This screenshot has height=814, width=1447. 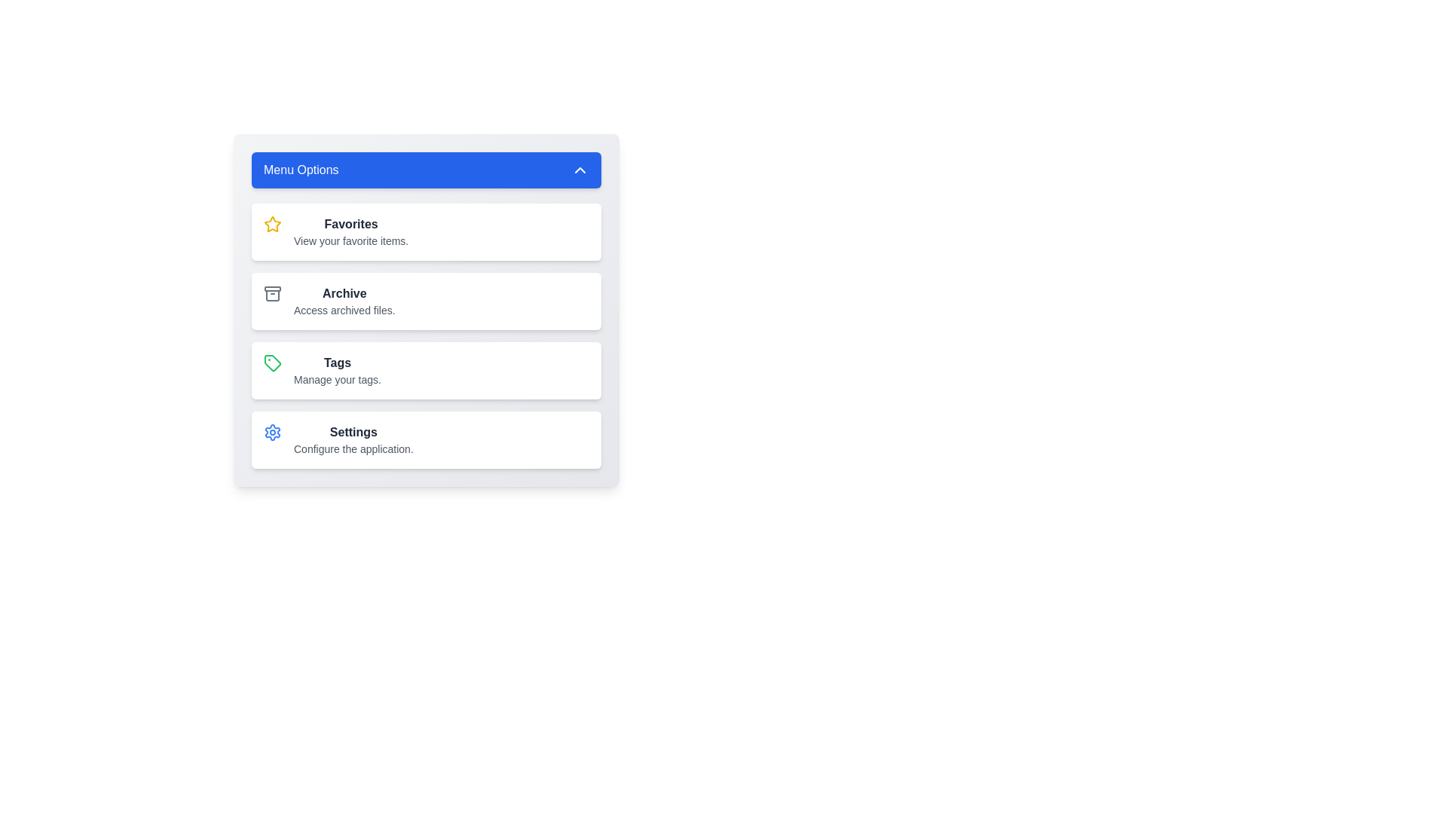 I want to click on the text label that reads 'Manage your tags.' which is styled in gray color and located below the 'Tags' header in the vertical menu list, so click(x=336, y=379).